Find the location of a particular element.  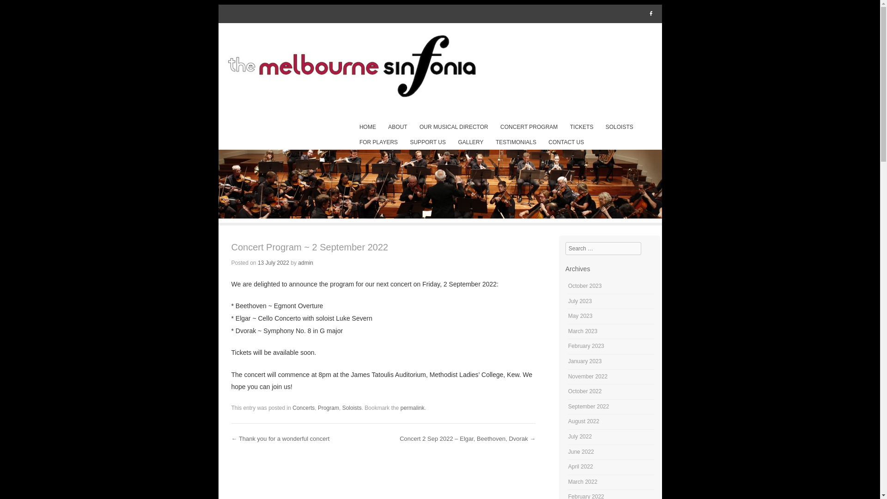

'melbournesinfonia.org.au' is located at coordinates (439, 216).